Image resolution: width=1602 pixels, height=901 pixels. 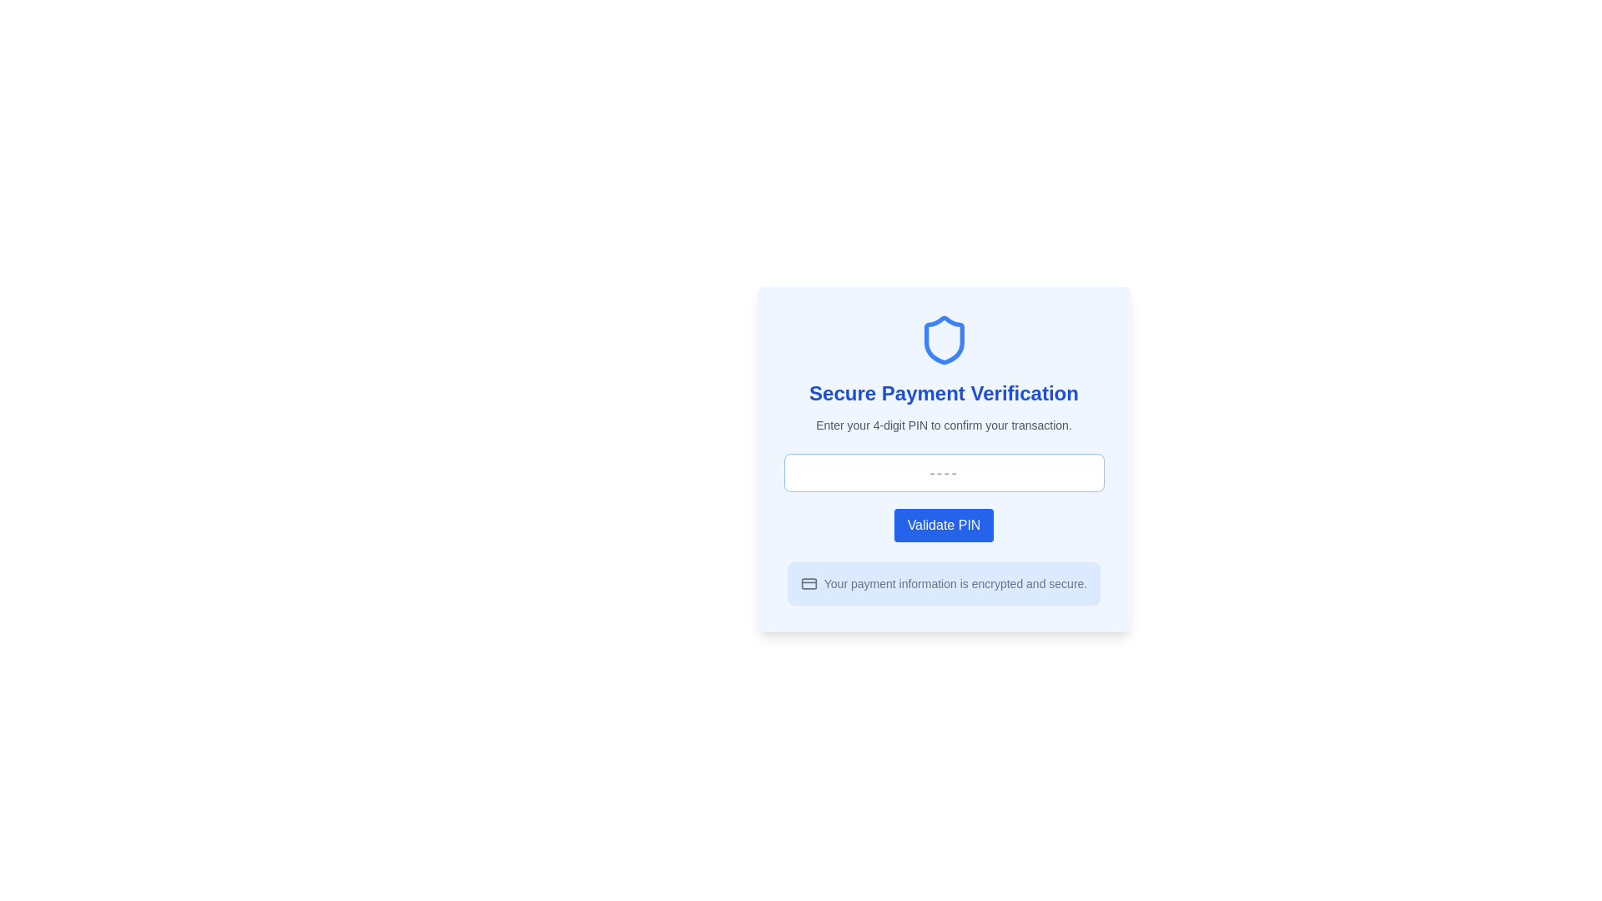 What do you see at coordinates (944, 424) in the screenshot?
I see `the text label that instructs the user to enter a 4-digit PIN for transaction confirmation, positioned below the title 'Secure Payment Verification'` at bounding box center [944, 424].